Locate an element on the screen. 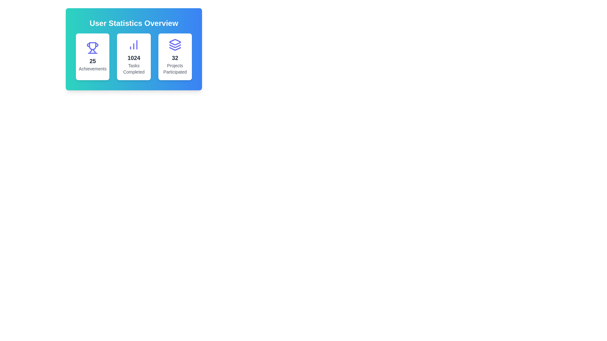 The height and width of the screenshot is (341, 607). text label indicating the number of projects participated in, which is located inside the third card under the header 'User Statistics Overview', directly below the numeric value '32' is located at coordinates (175, 69).